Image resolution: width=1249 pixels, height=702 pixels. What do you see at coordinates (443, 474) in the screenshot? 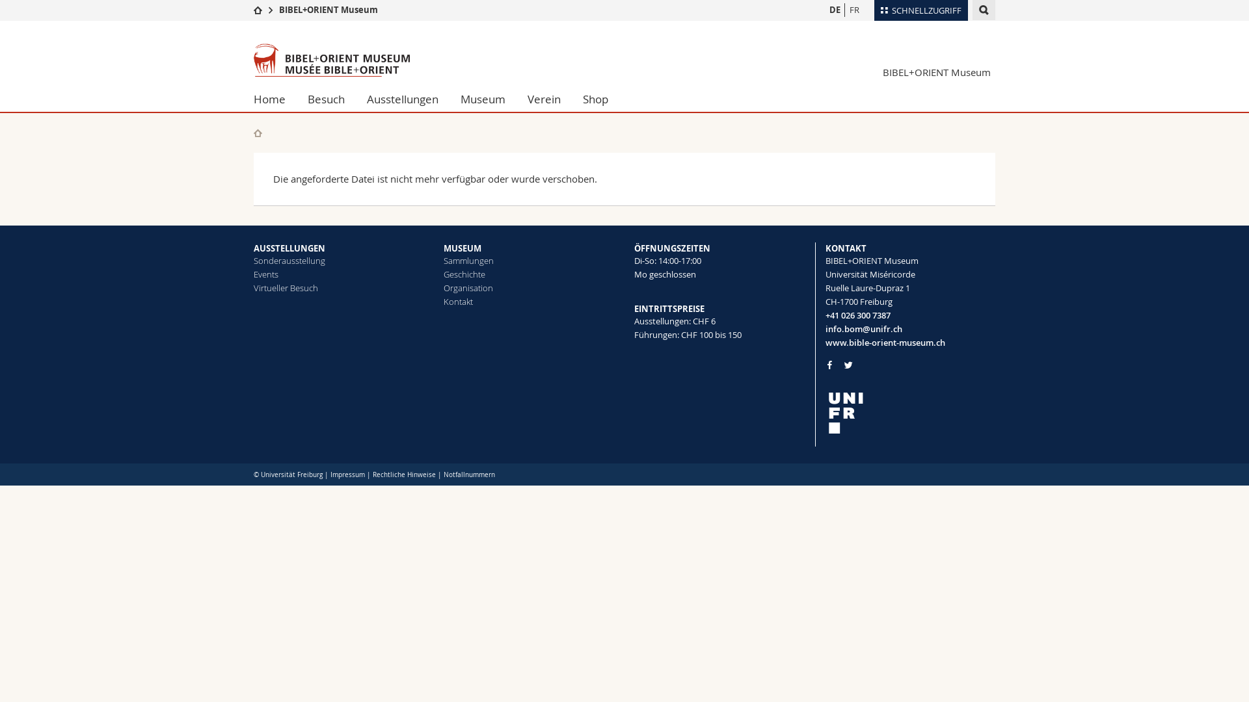
I see `'Notfallnummern'` at bounding box center [443, 474].